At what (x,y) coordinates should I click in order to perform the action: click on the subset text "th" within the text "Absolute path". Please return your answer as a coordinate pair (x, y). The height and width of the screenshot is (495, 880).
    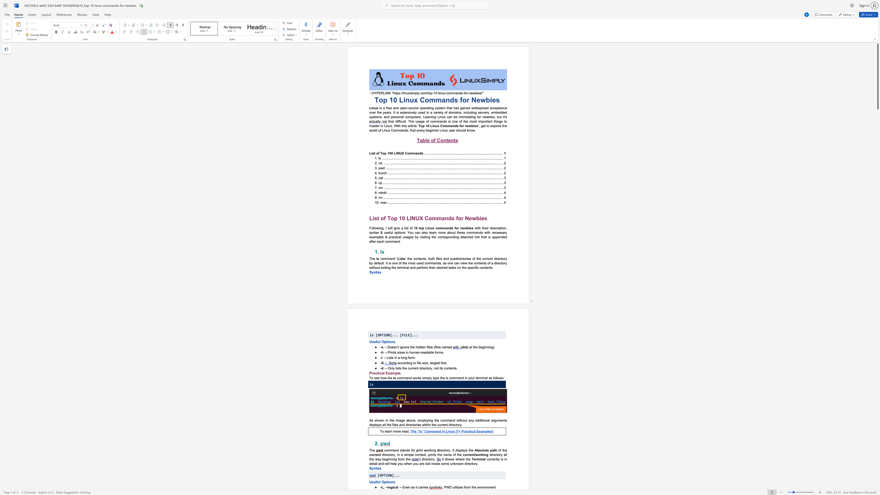
    Looking at the image, I should click on (494, 450).